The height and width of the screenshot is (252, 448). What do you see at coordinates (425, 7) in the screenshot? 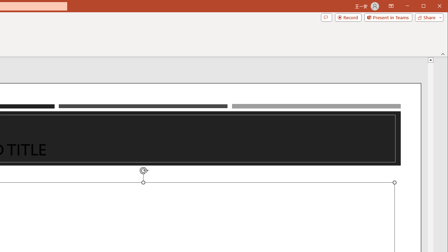
I see `'Minimize'` at bounding box center [425, 7].